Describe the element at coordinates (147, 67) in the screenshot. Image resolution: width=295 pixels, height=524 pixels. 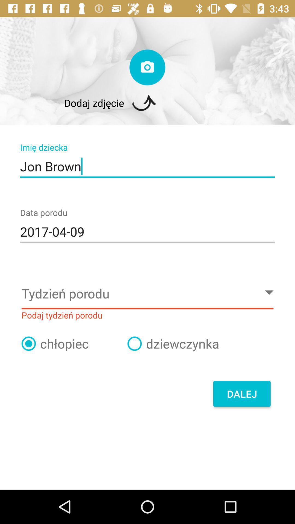
I see `the photo icon` at that location.